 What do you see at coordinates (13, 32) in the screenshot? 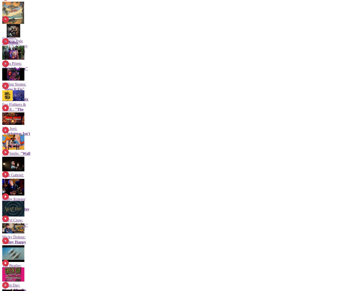
I see `'The Doobie Brothers (and Friends):'` at bounding box center [13, 32].